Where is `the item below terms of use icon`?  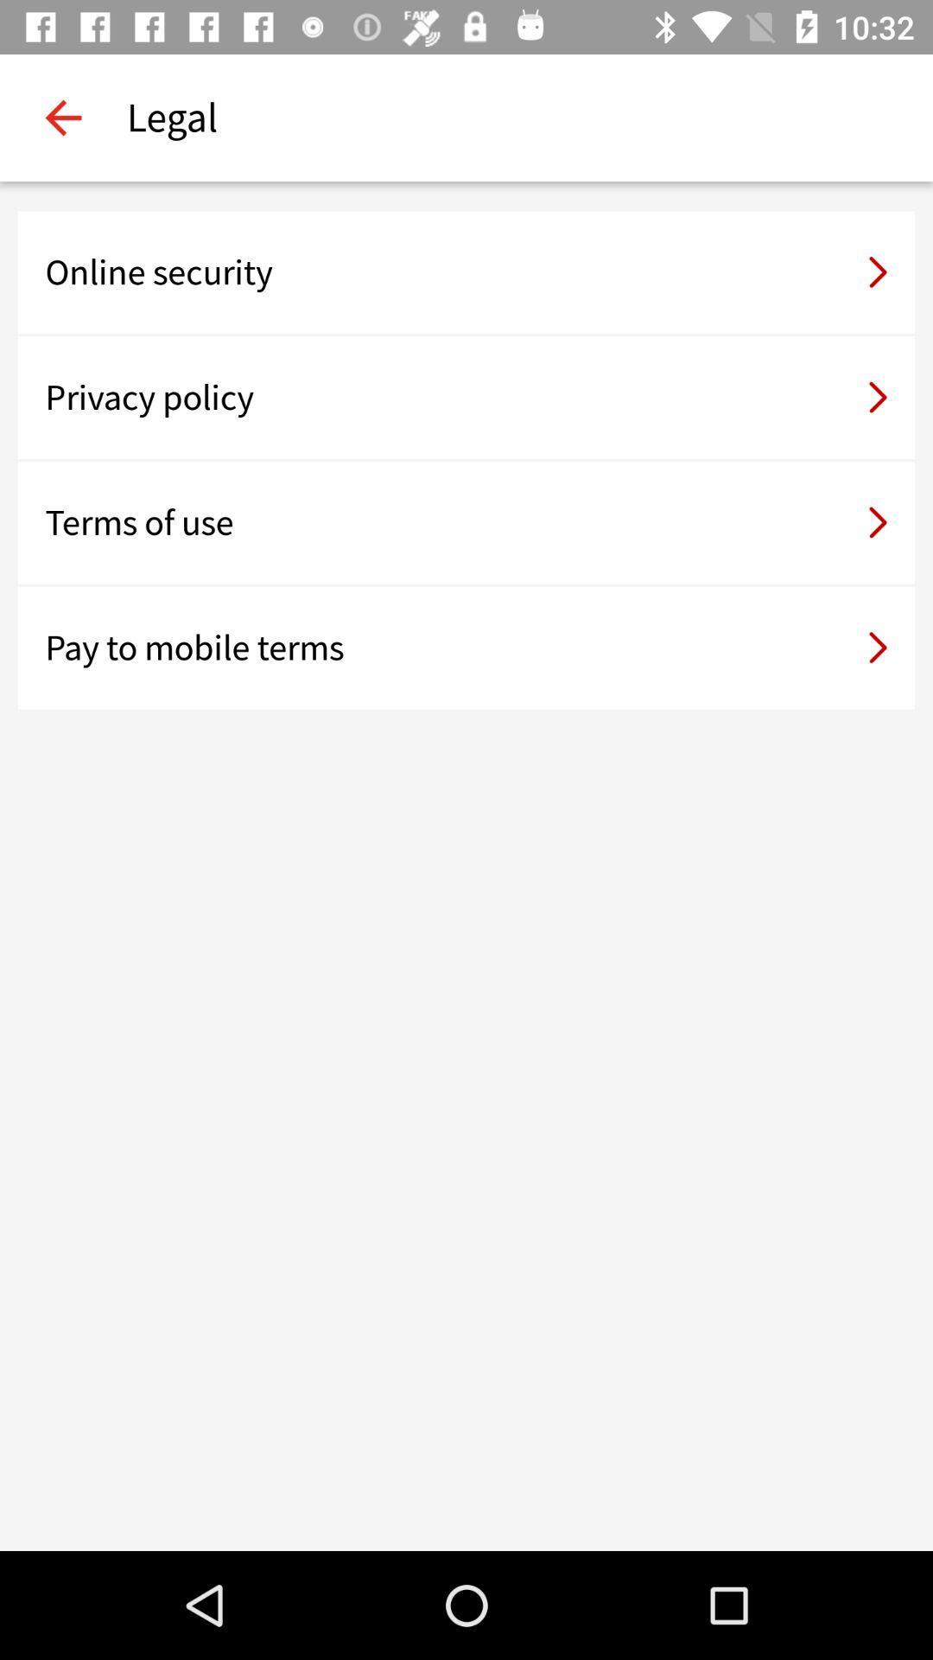 the item below terms of use icon is located at coordinates (466, 647).